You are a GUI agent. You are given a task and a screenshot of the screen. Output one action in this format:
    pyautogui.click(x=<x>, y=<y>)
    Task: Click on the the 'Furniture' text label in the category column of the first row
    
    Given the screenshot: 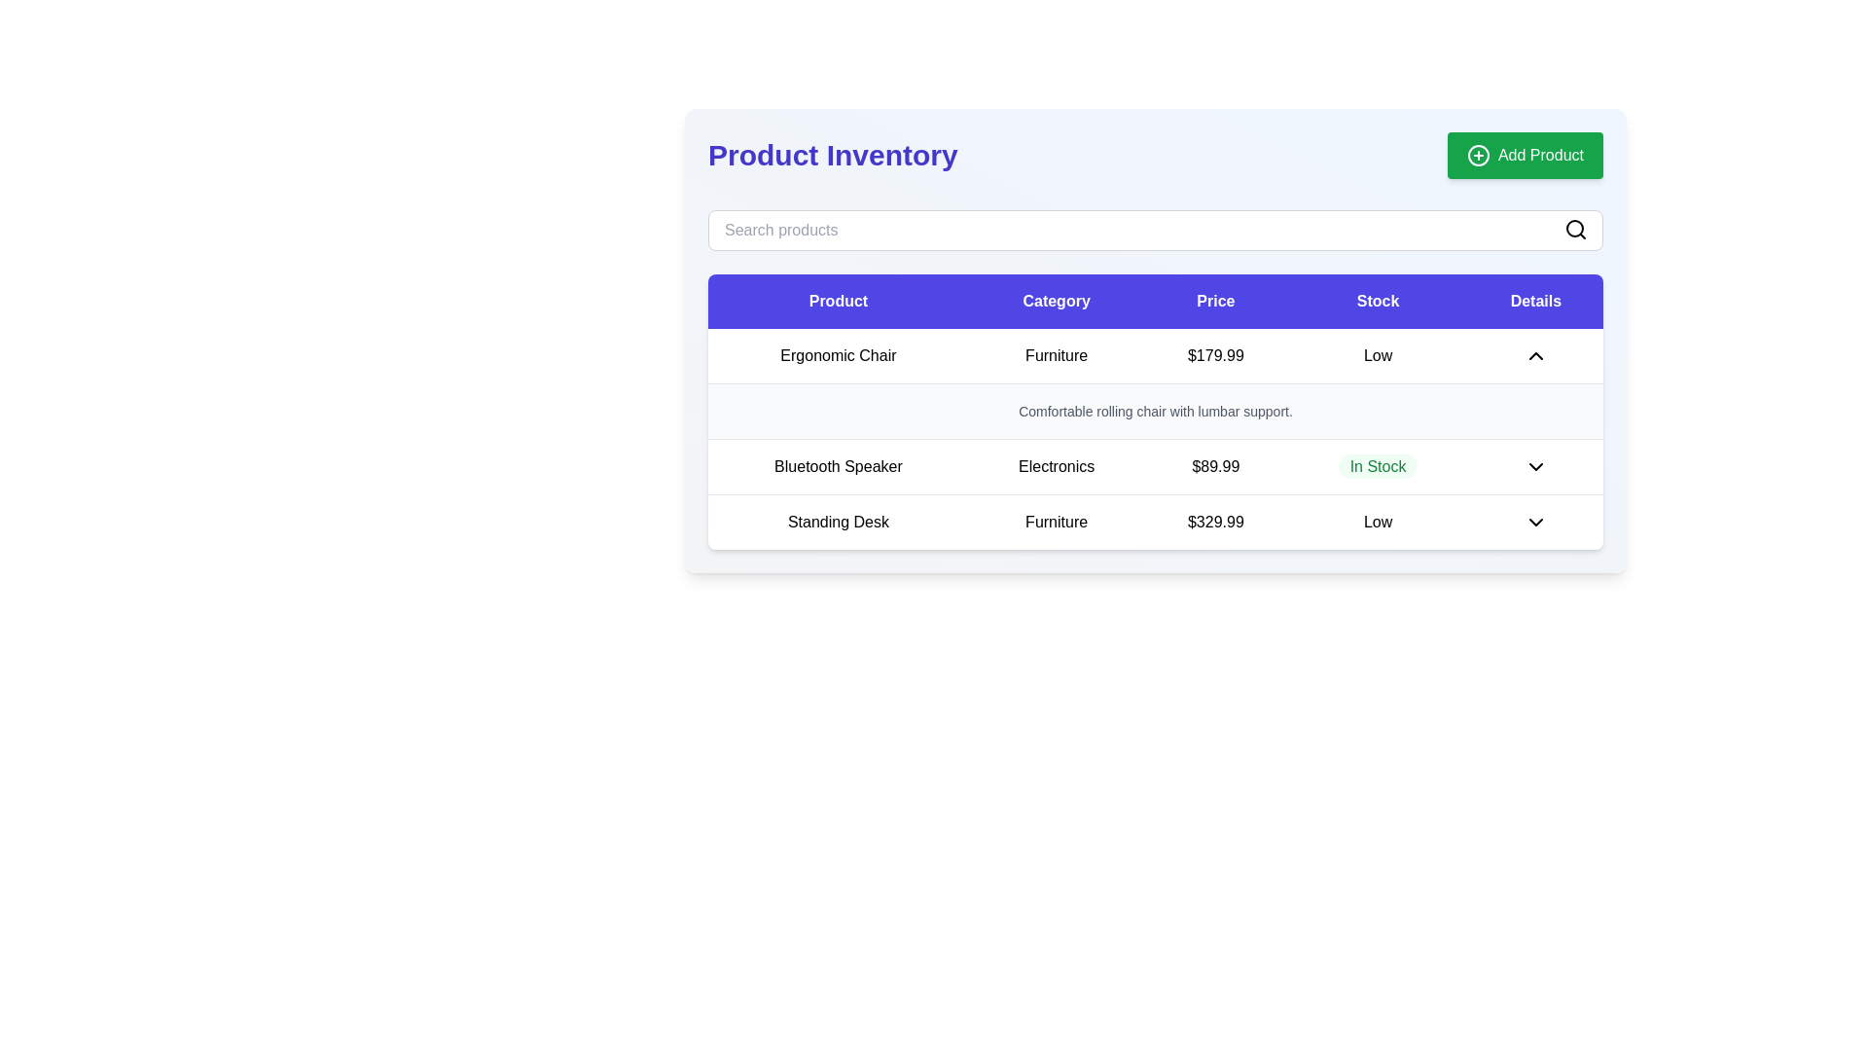 What is the action you would take?
    pyautogui.click(x=1056, y=356)
    